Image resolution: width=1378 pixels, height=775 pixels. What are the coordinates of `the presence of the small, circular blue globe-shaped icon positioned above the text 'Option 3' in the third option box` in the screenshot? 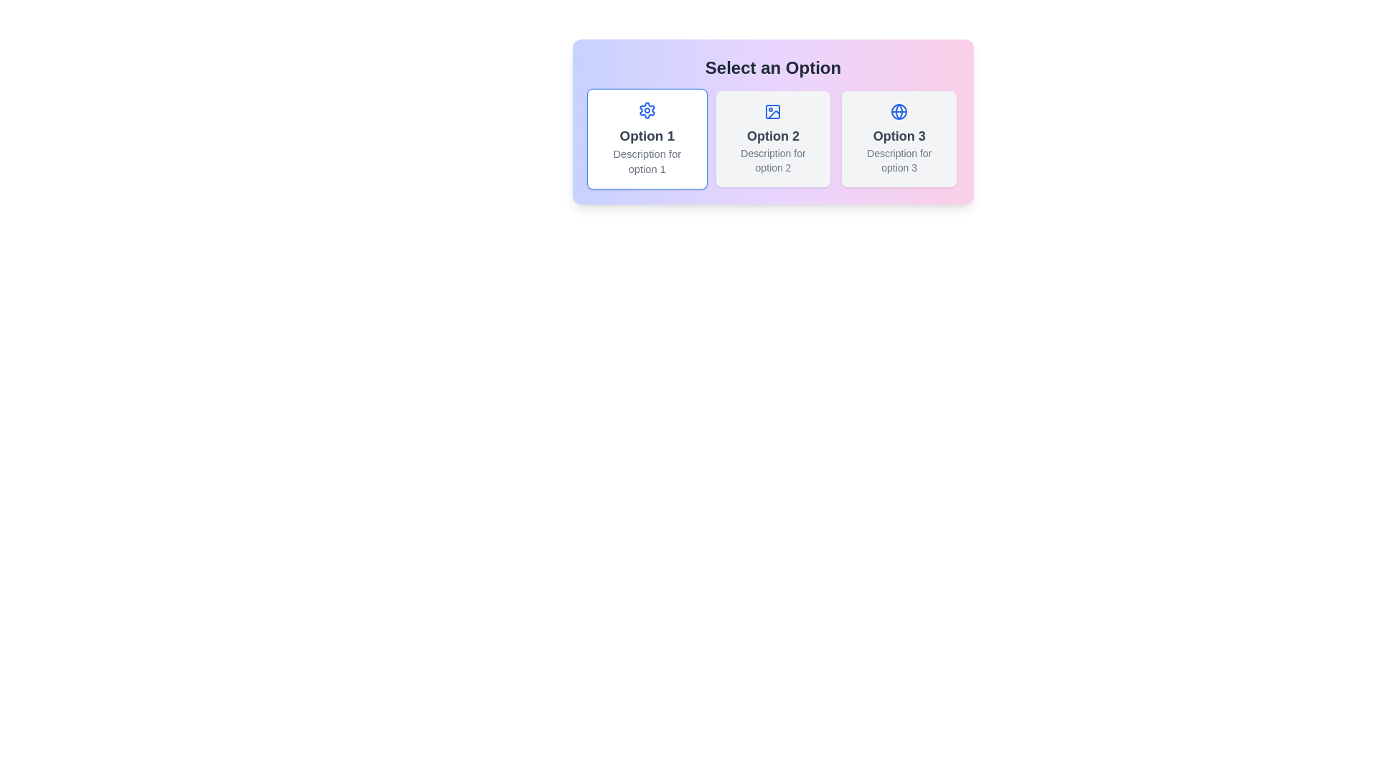 It's located at (899, 111).